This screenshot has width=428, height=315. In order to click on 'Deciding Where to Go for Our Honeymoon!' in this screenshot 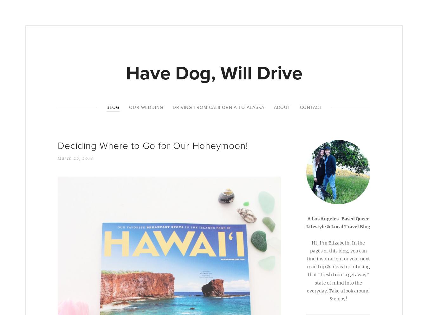, I will do `click(152, 145)`.